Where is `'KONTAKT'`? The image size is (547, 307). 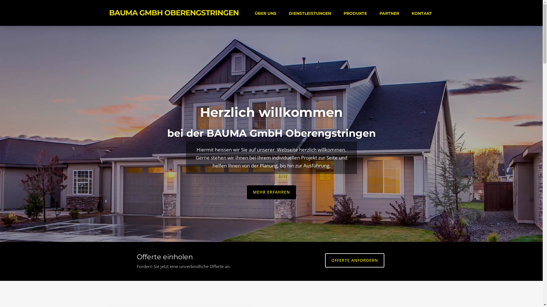 'KONTAKT' is located at coordinates (411, 13).